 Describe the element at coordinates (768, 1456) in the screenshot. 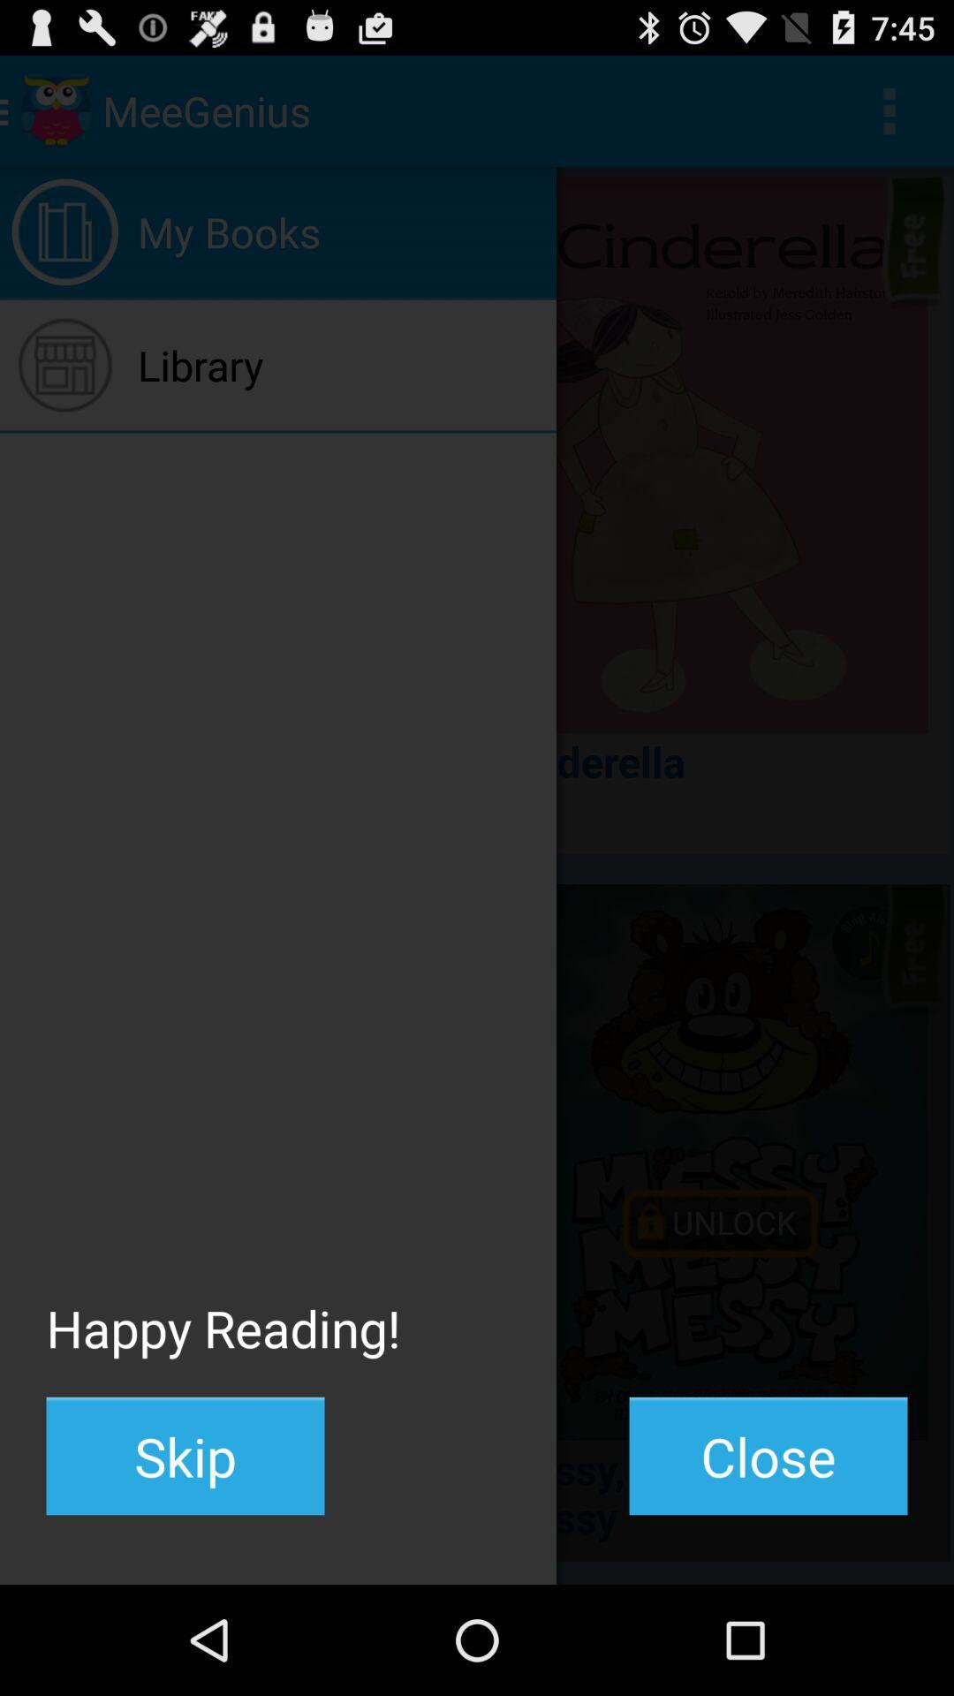

I see `item at the bottom right corner` at that location.